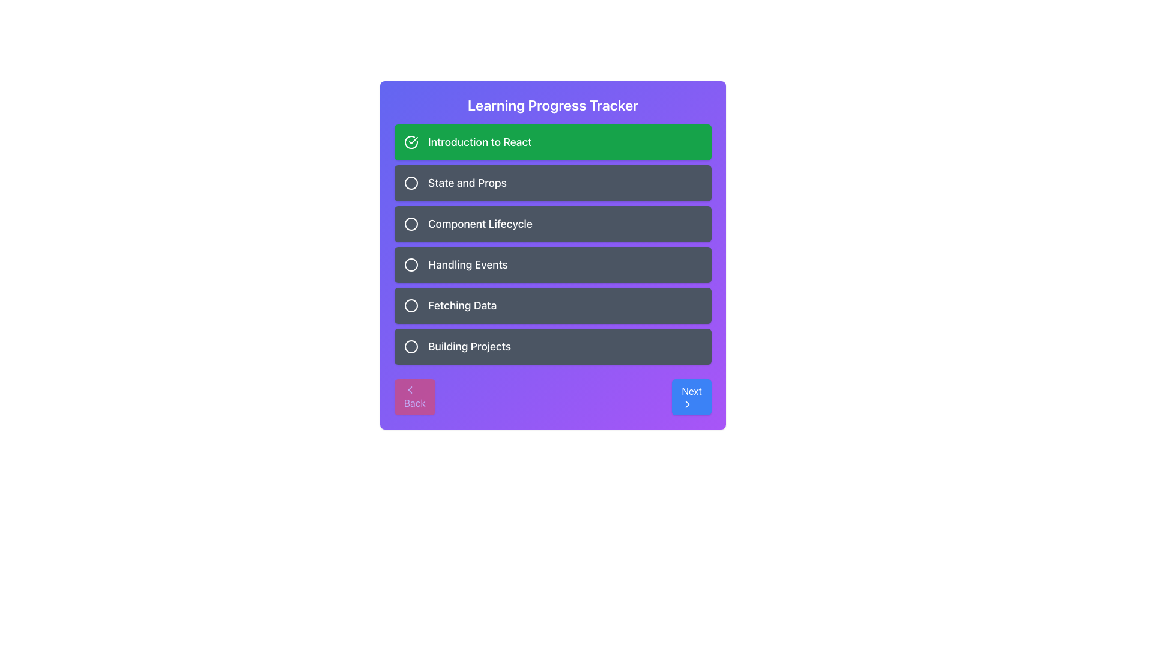 The width and height of the screenshot is (1153, 649). What do you see at coordinates (410, 389) in the screenshot?
I see `the leftward navigation icon located to the left of the 'Back' button at the bottom-left corner of the 'Learning Progress Tracker' card for navigation hints` at bounding box center [410, 389].